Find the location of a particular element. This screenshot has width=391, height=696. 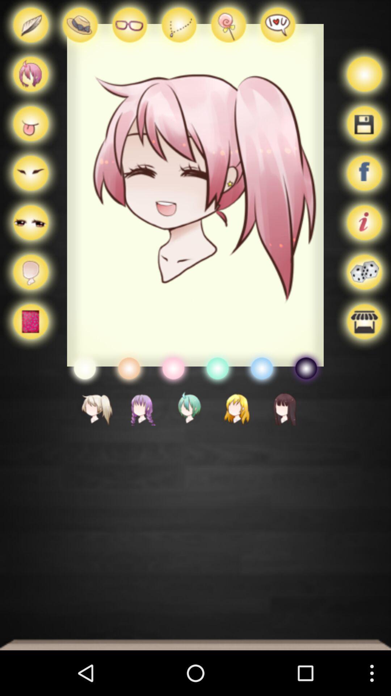

the call icon is located at coordinates (80, 29).